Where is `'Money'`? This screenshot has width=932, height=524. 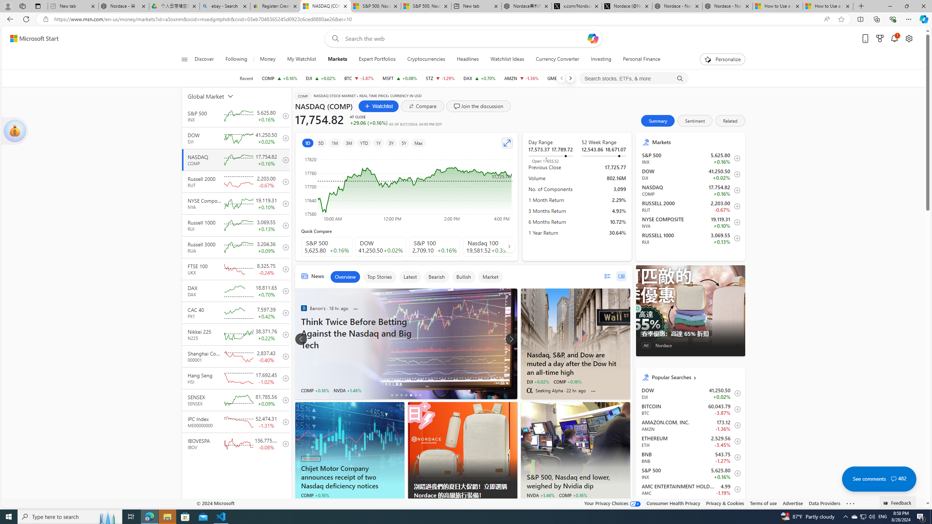 'Money' is located at coordinates (268, 59).